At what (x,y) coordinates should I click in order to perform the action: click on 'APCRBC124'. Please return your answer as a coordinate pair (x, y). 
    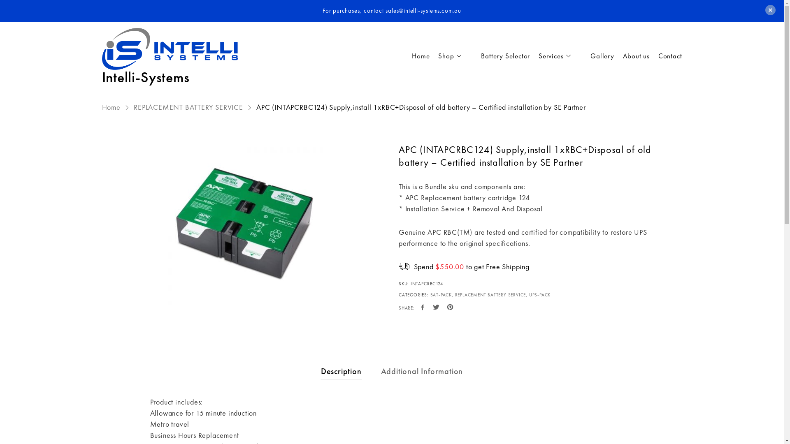
    Looking at the image, I should click on (243, 225).